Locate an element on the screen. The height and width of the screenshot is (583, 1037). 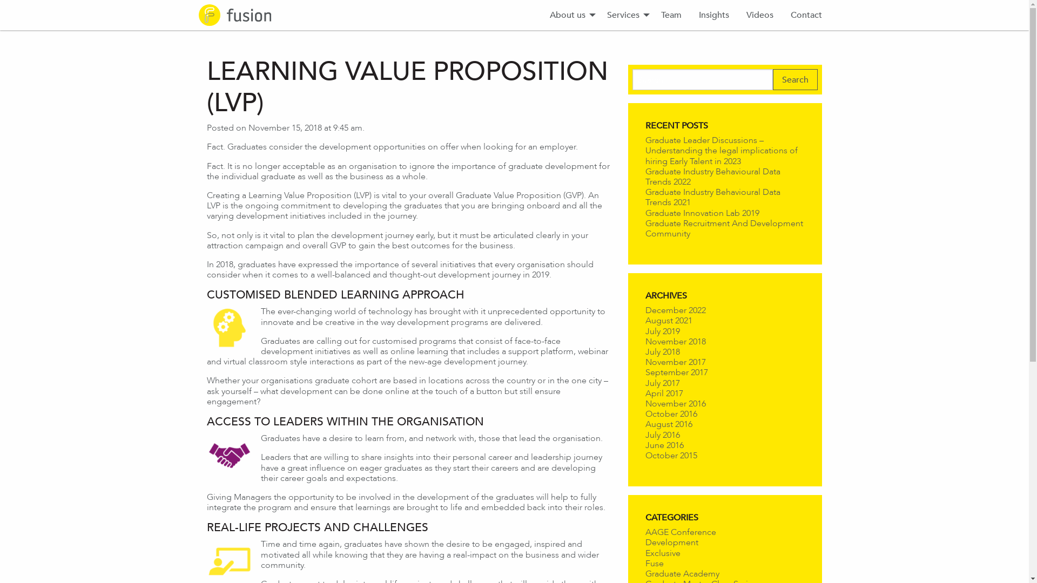
'July 2017' is located at coordinates (661, 382).